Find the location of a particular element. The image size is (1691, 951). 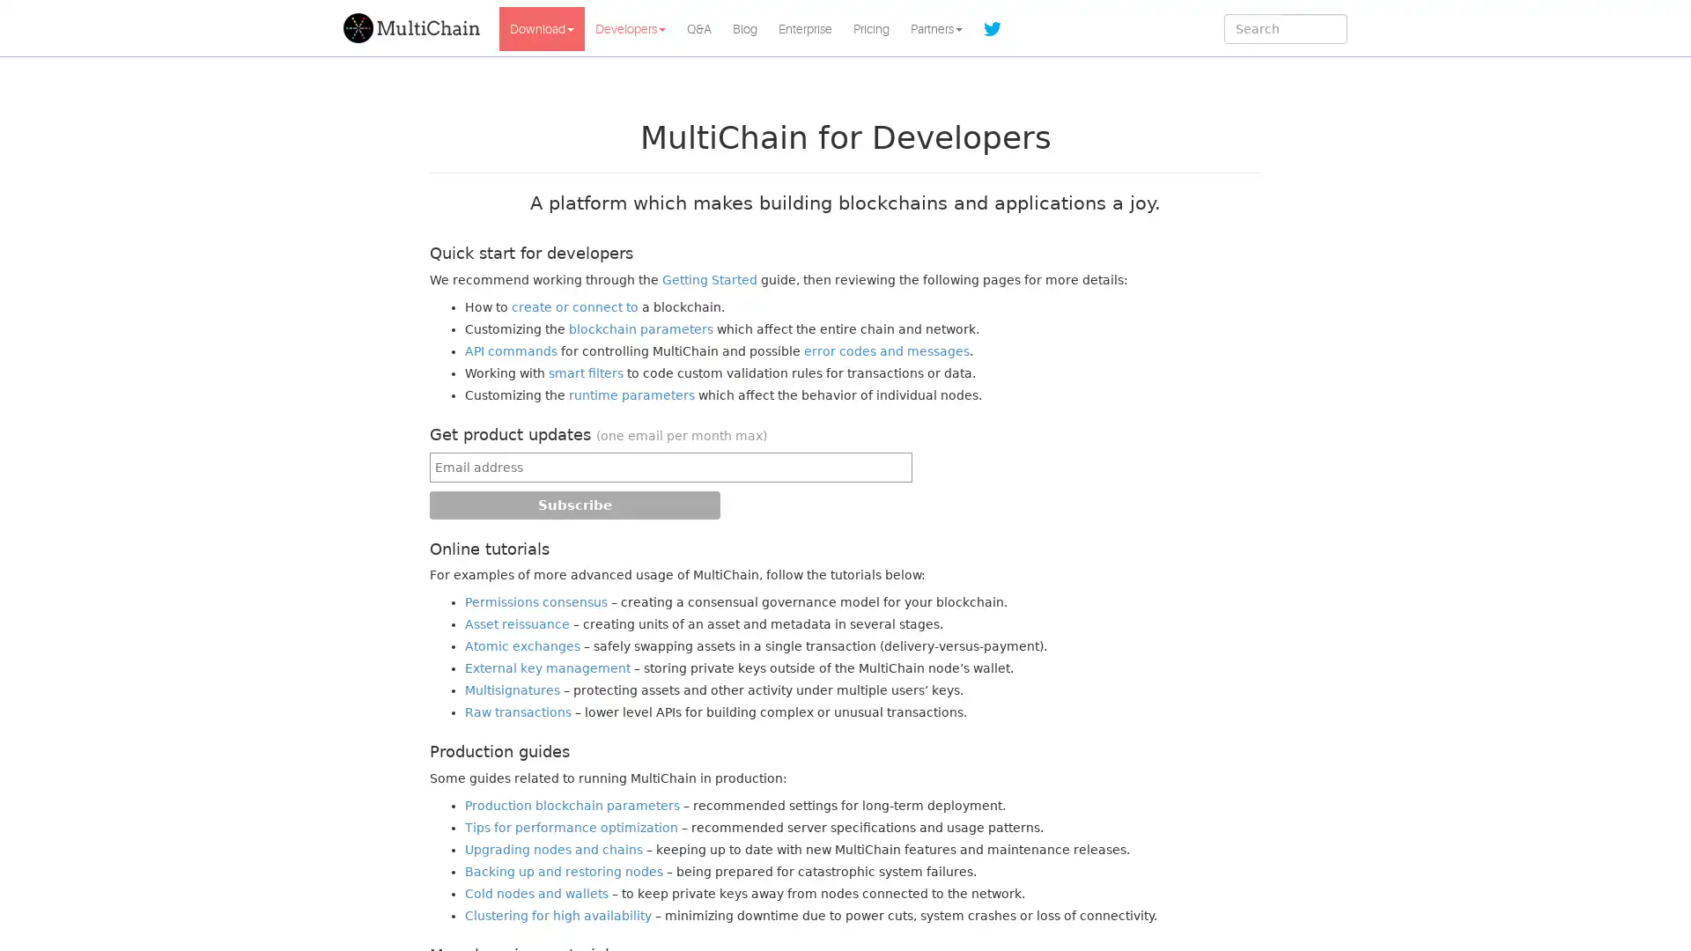

Subscribe is located at coordinates (574, 505).